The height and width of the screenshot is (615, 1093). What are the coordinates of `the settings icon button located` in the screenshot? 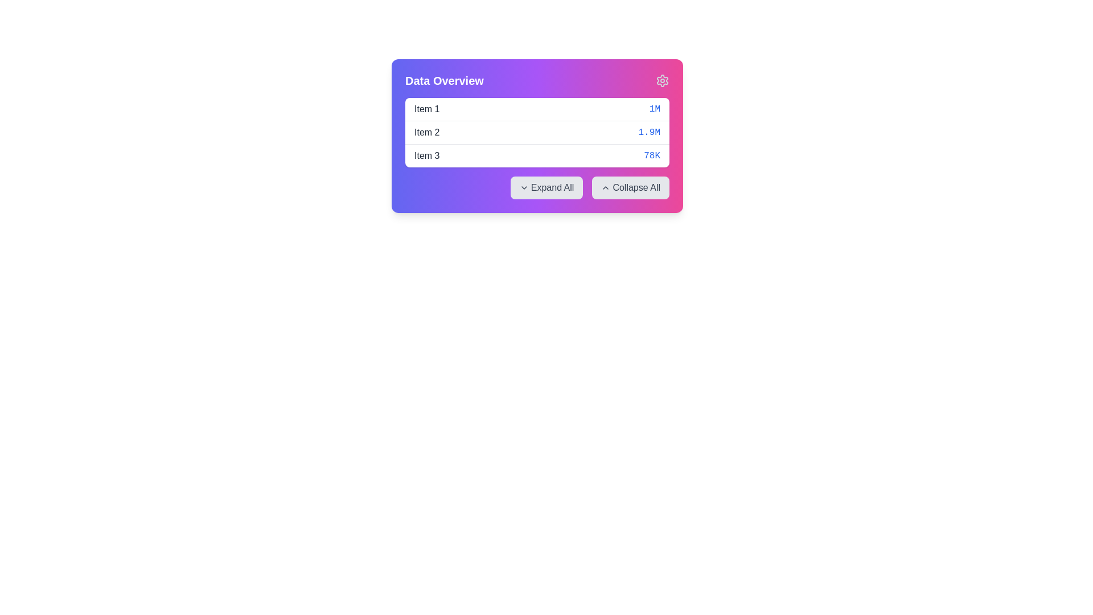 It's located at (662, 80).